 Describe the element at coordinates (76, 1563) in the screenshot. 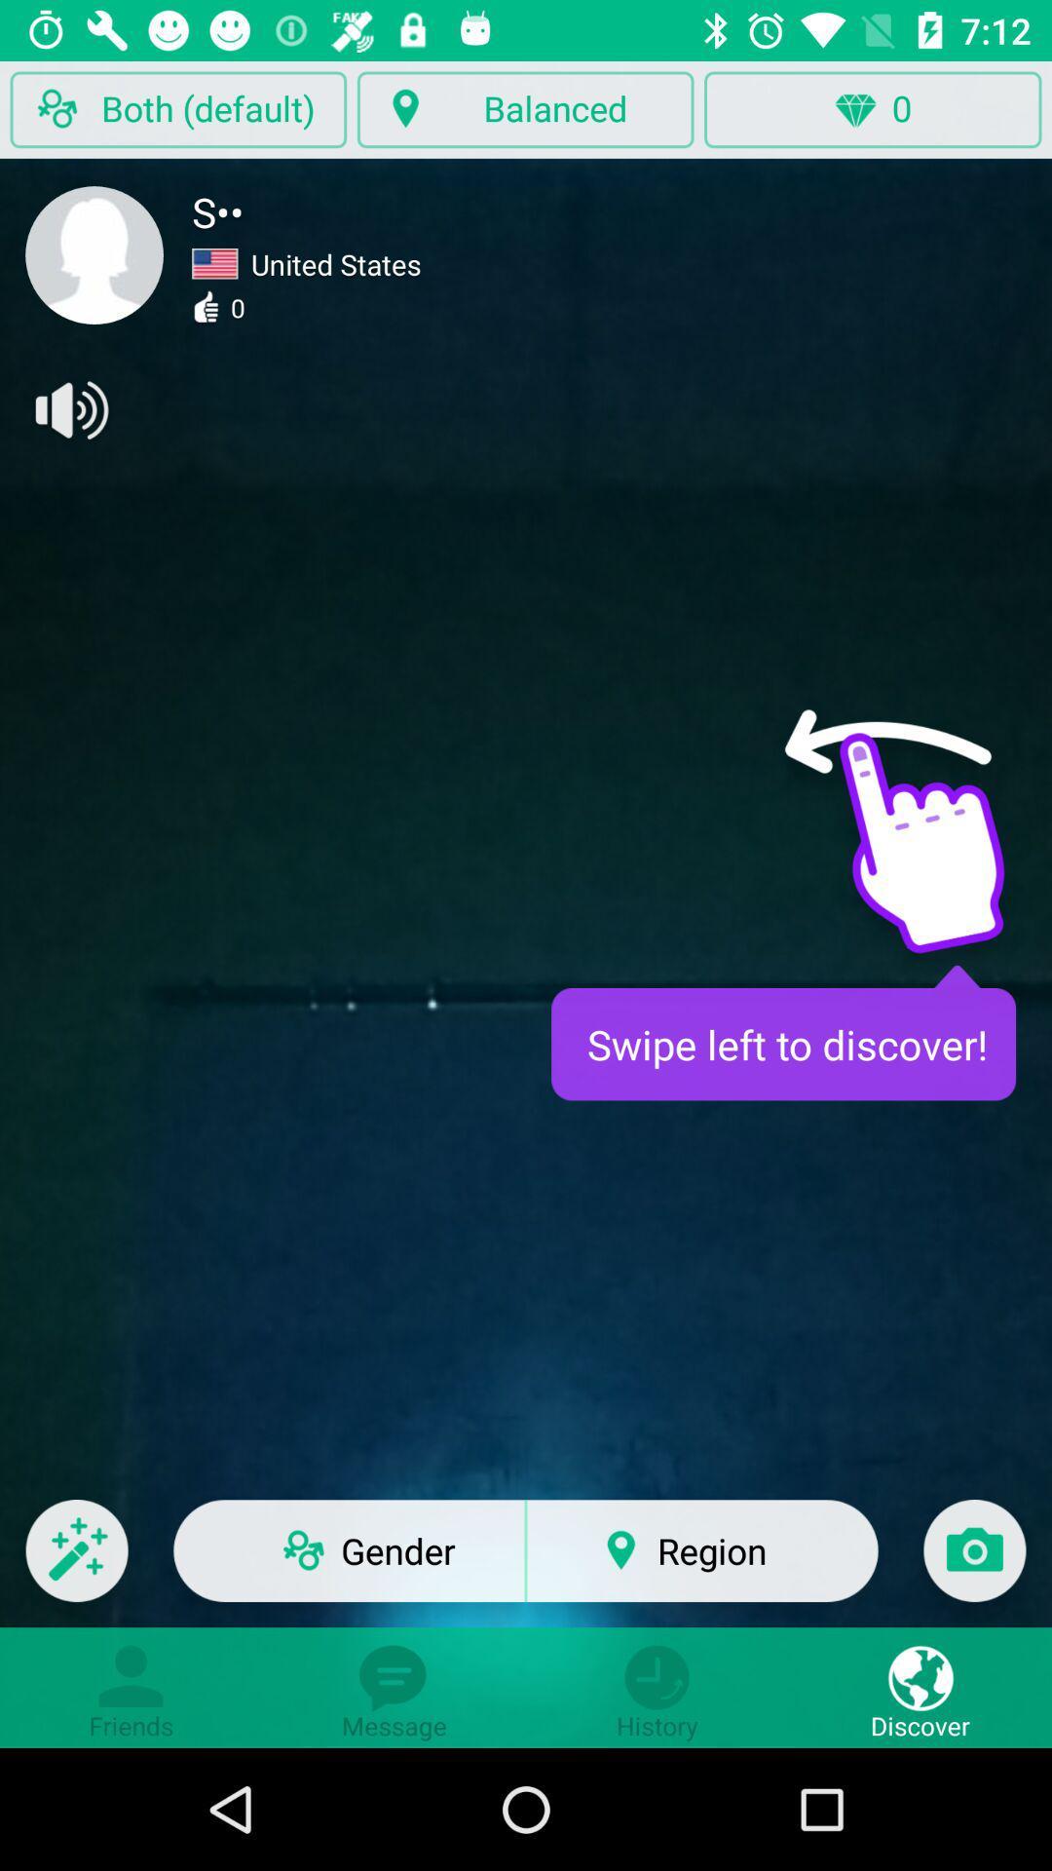

I see `the item above the friends` at that location.